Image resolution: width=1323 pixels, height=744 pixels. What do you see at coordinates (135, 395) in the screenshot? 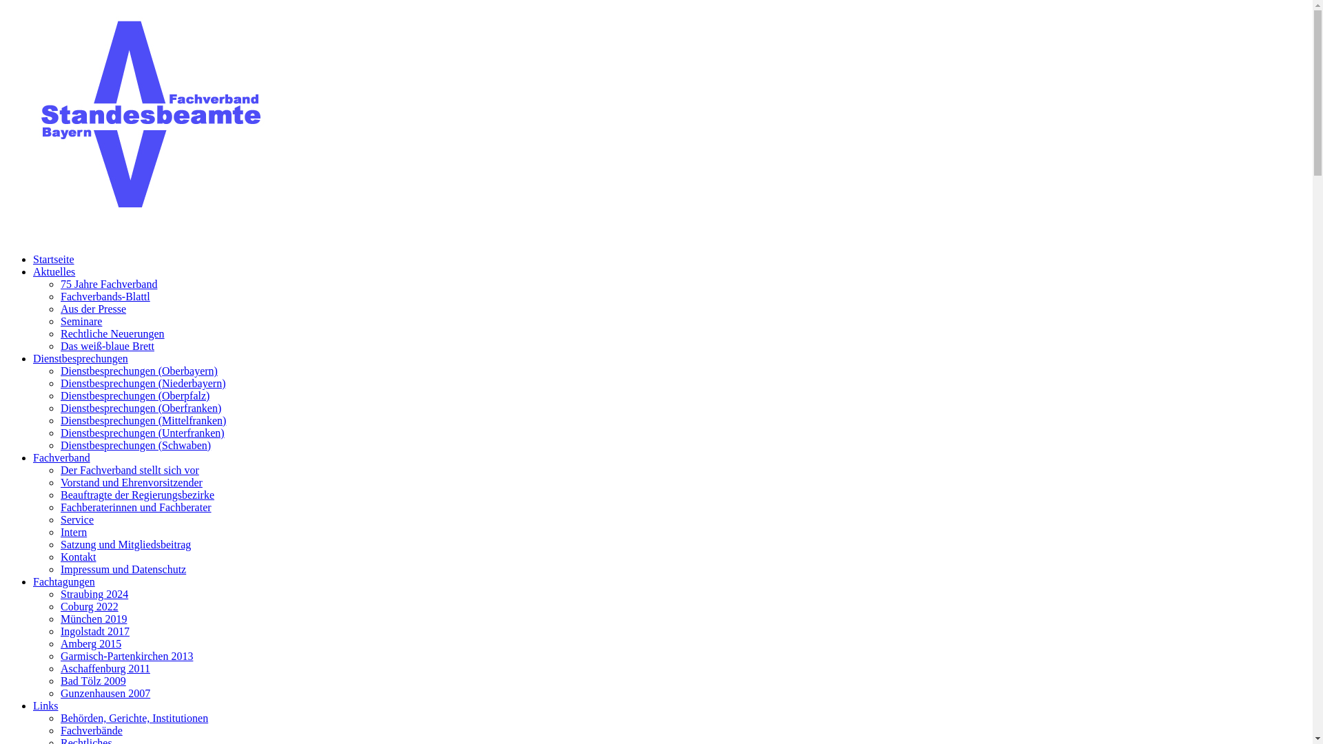
I see `'Dienstbesprechungen (Oberpfalz)'` at bounding box center [135, 395].